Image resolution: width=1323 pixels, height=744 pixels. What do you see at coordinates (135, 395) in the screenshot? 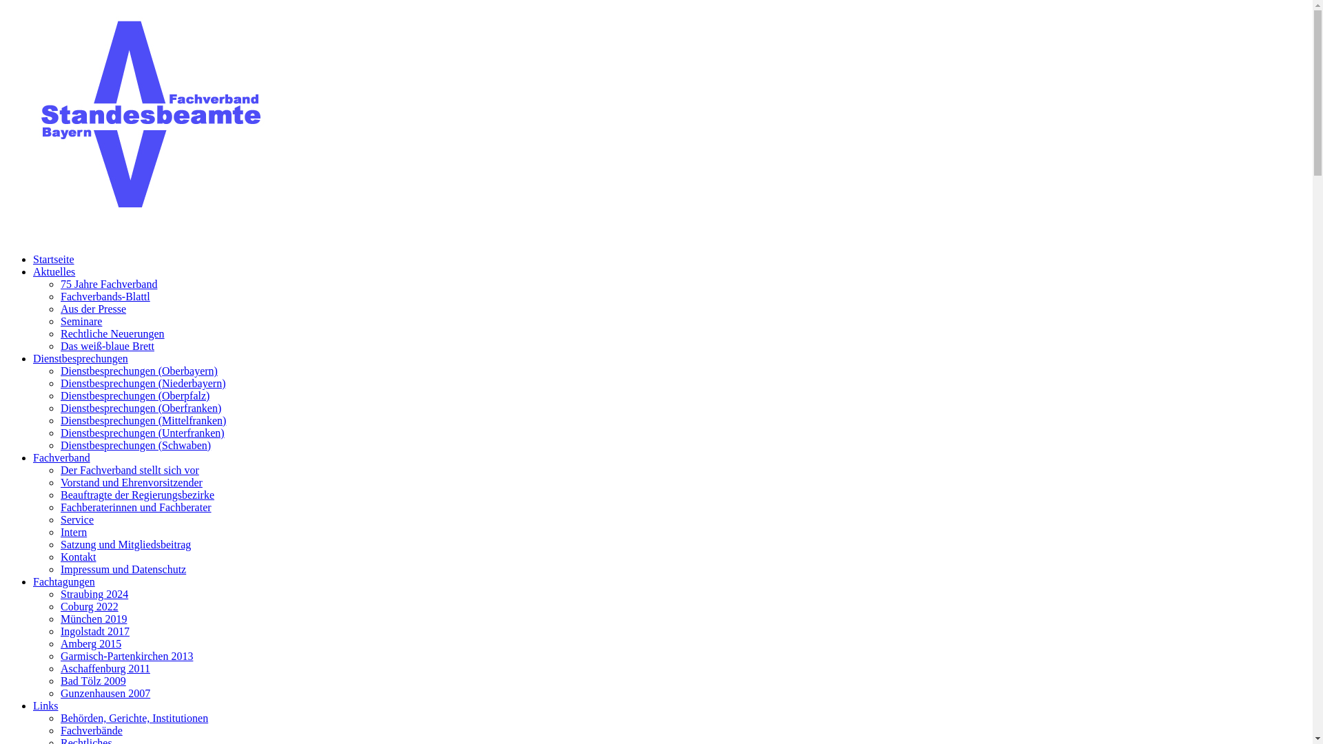
I see `'Dienstbesprechungen (Oberpfalz)'` at bounding box center [135, 395].